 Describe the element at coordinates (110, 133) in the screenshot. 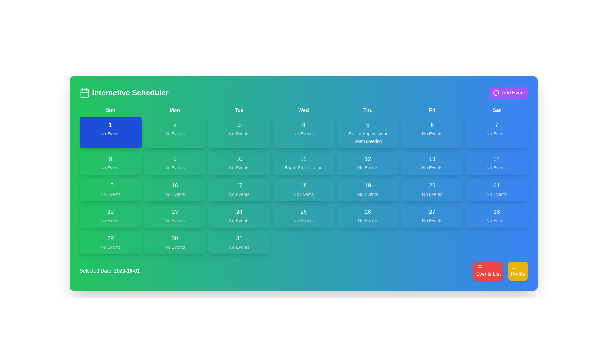

I see `the 'No Events' static text label, which is displayed in a small, gray-colored font within a blue card, located below the numeric representation of '1' in the first date cell of the calendar interface` at that location.